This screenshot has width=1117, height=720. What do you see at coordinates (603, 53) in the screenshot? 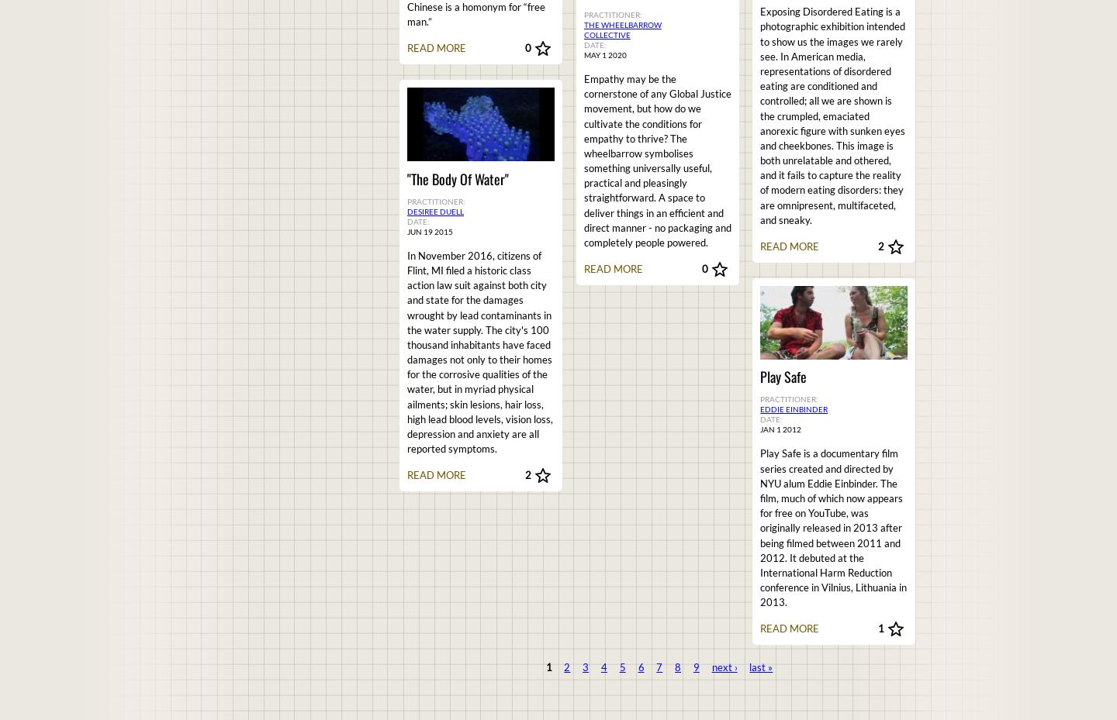
I see `'May 1 2020'` at bounding box center [603, 53].